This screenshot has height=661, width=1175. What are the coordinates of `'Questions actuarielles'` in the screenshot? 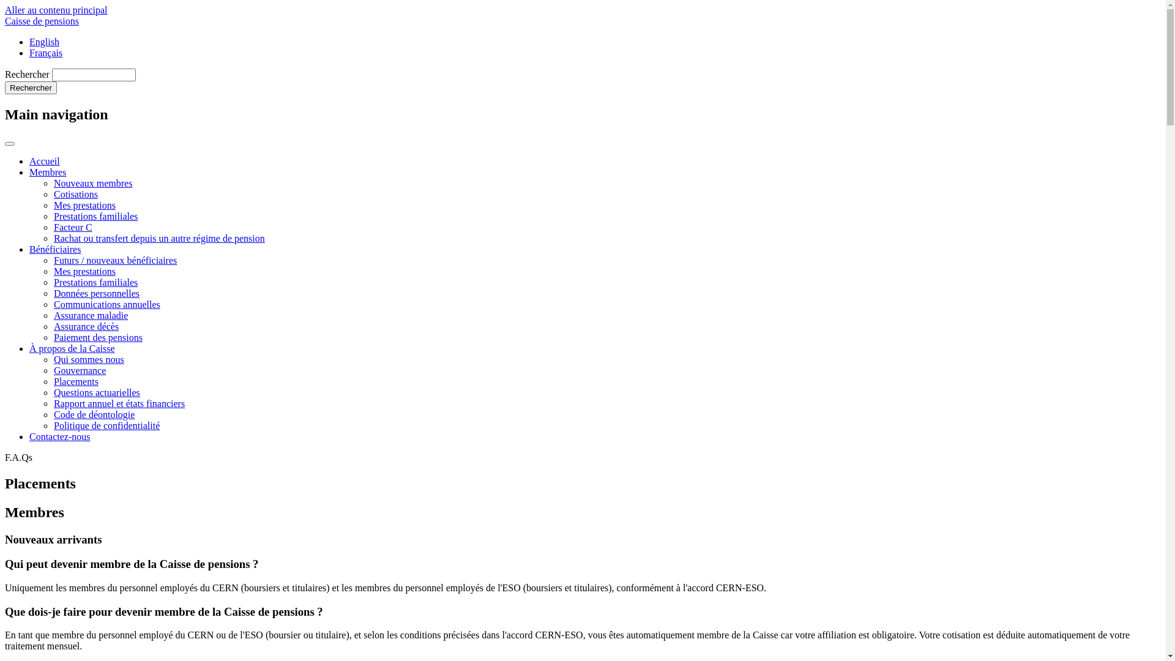 It's located at (96, 392).